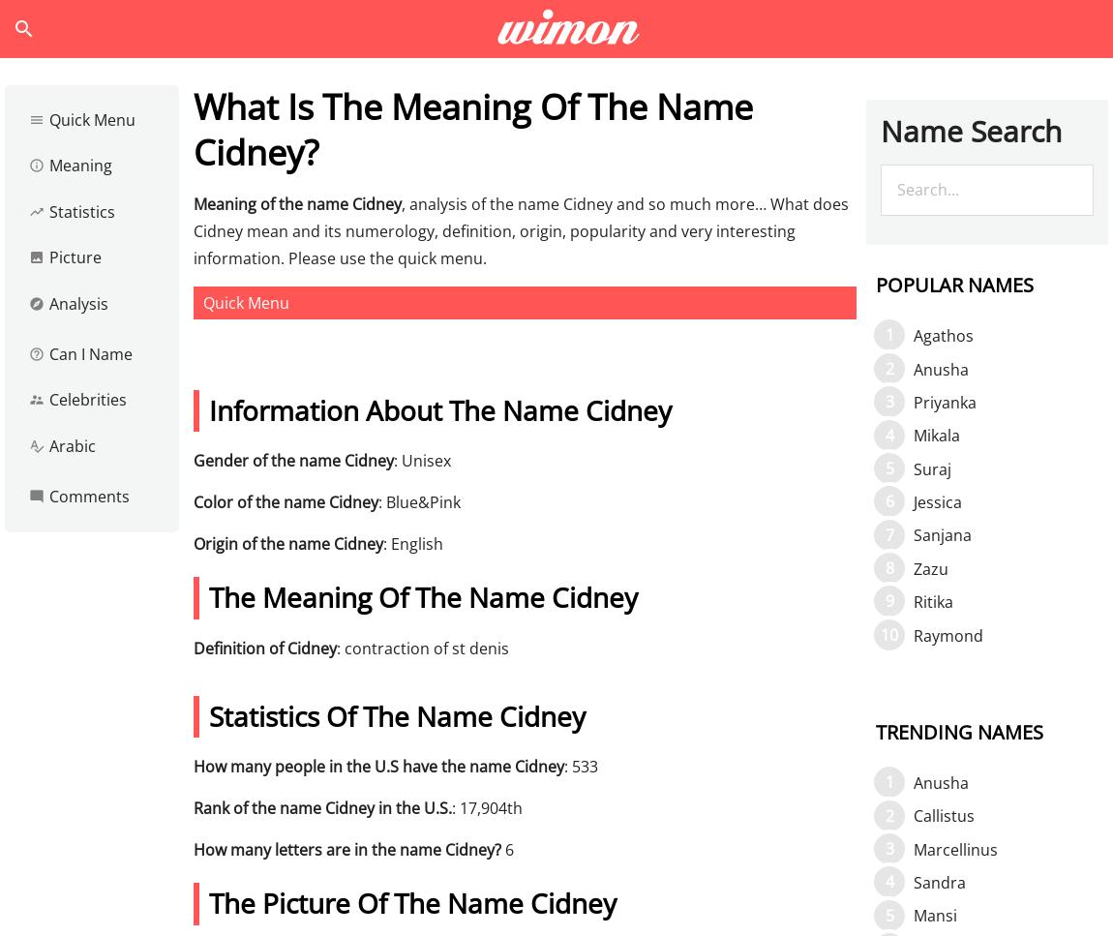 The height and width of the screenshot is (936, 1113). Describe the element at coordinates (419, 500) in the screenshot. I see `': Blue&Pink'` at that location.